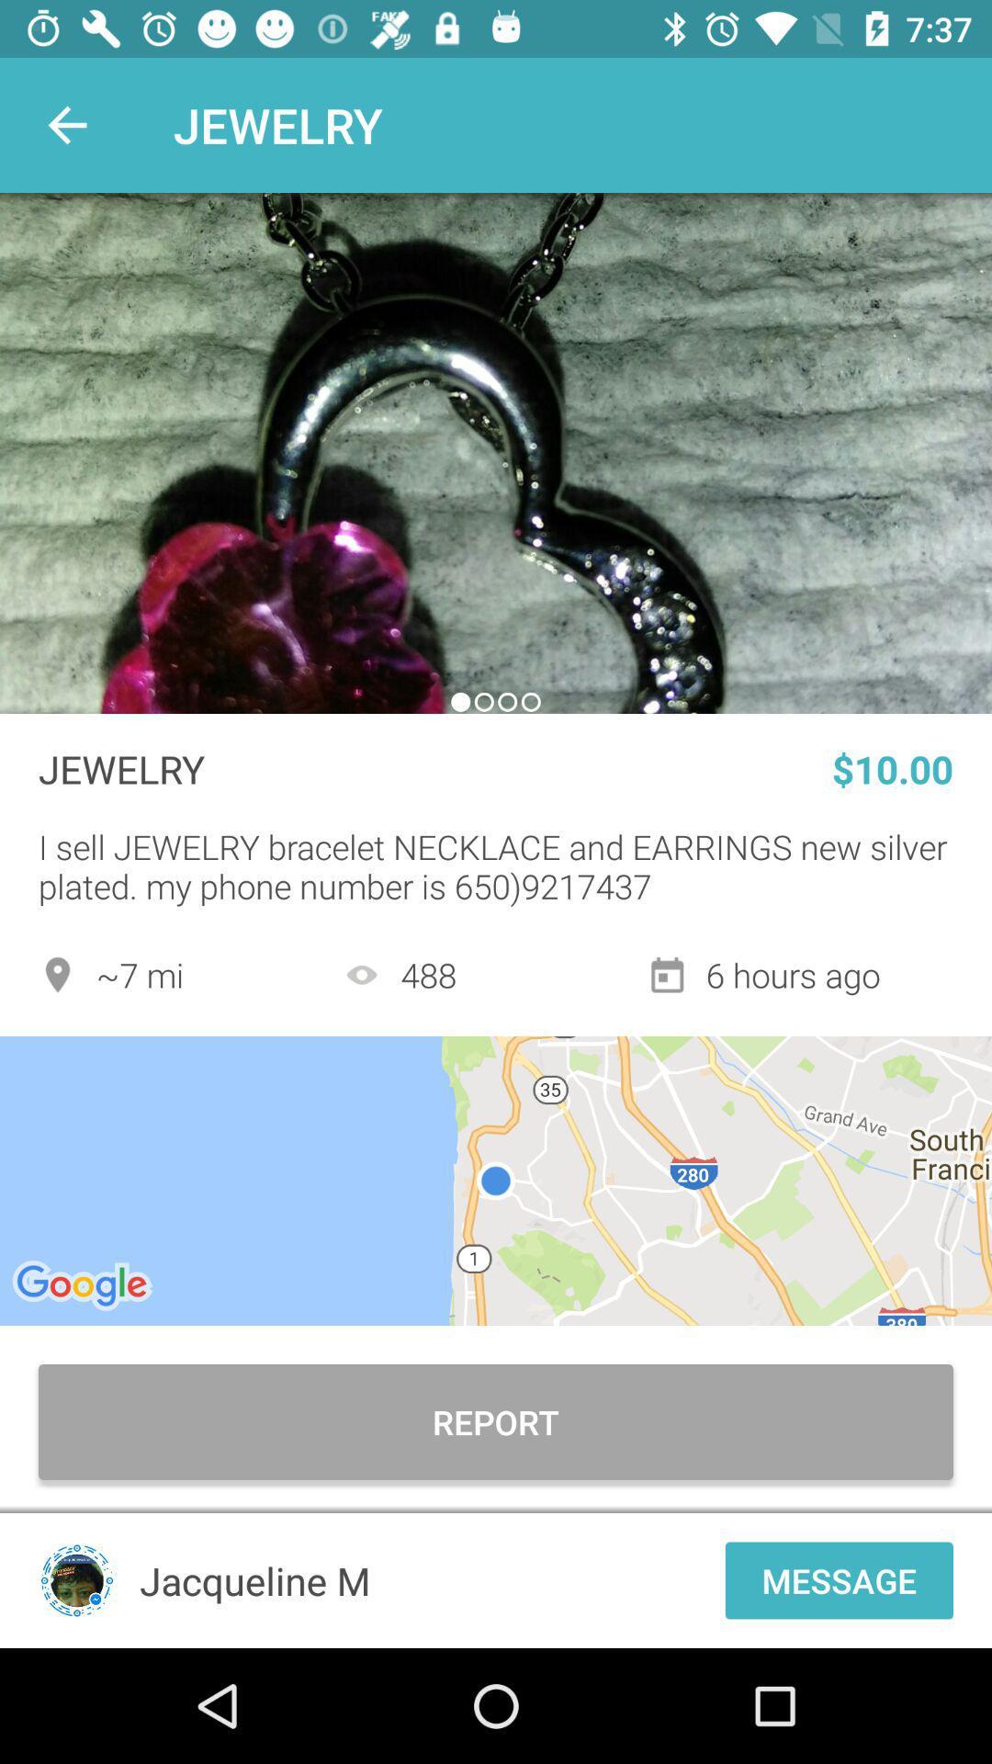 The image size is (992, 1764). Describe the element at coordinates (76, 1579) in the screenshot. I see `the icon next to the jacqueline m` at that location.